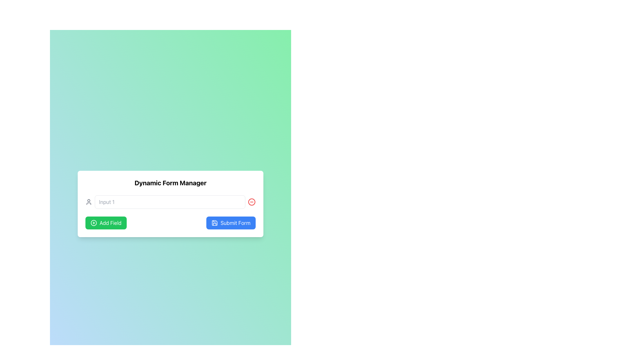 This screenshot has height=348, width=619. What do you see at coordinates (106, 222) in the screenshot?
I see `the first button in the lower-left section of the interface` at bounding box center [106, 222].